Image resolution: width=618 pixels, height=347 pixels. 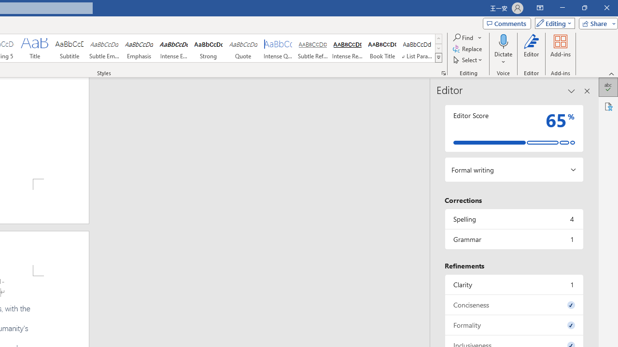 What do you see at coordinates (513, 219) in the screenshot?
I see `'Spelling, 4 issues. Press space or enter to review items.'` at bounding box center [513, 219].